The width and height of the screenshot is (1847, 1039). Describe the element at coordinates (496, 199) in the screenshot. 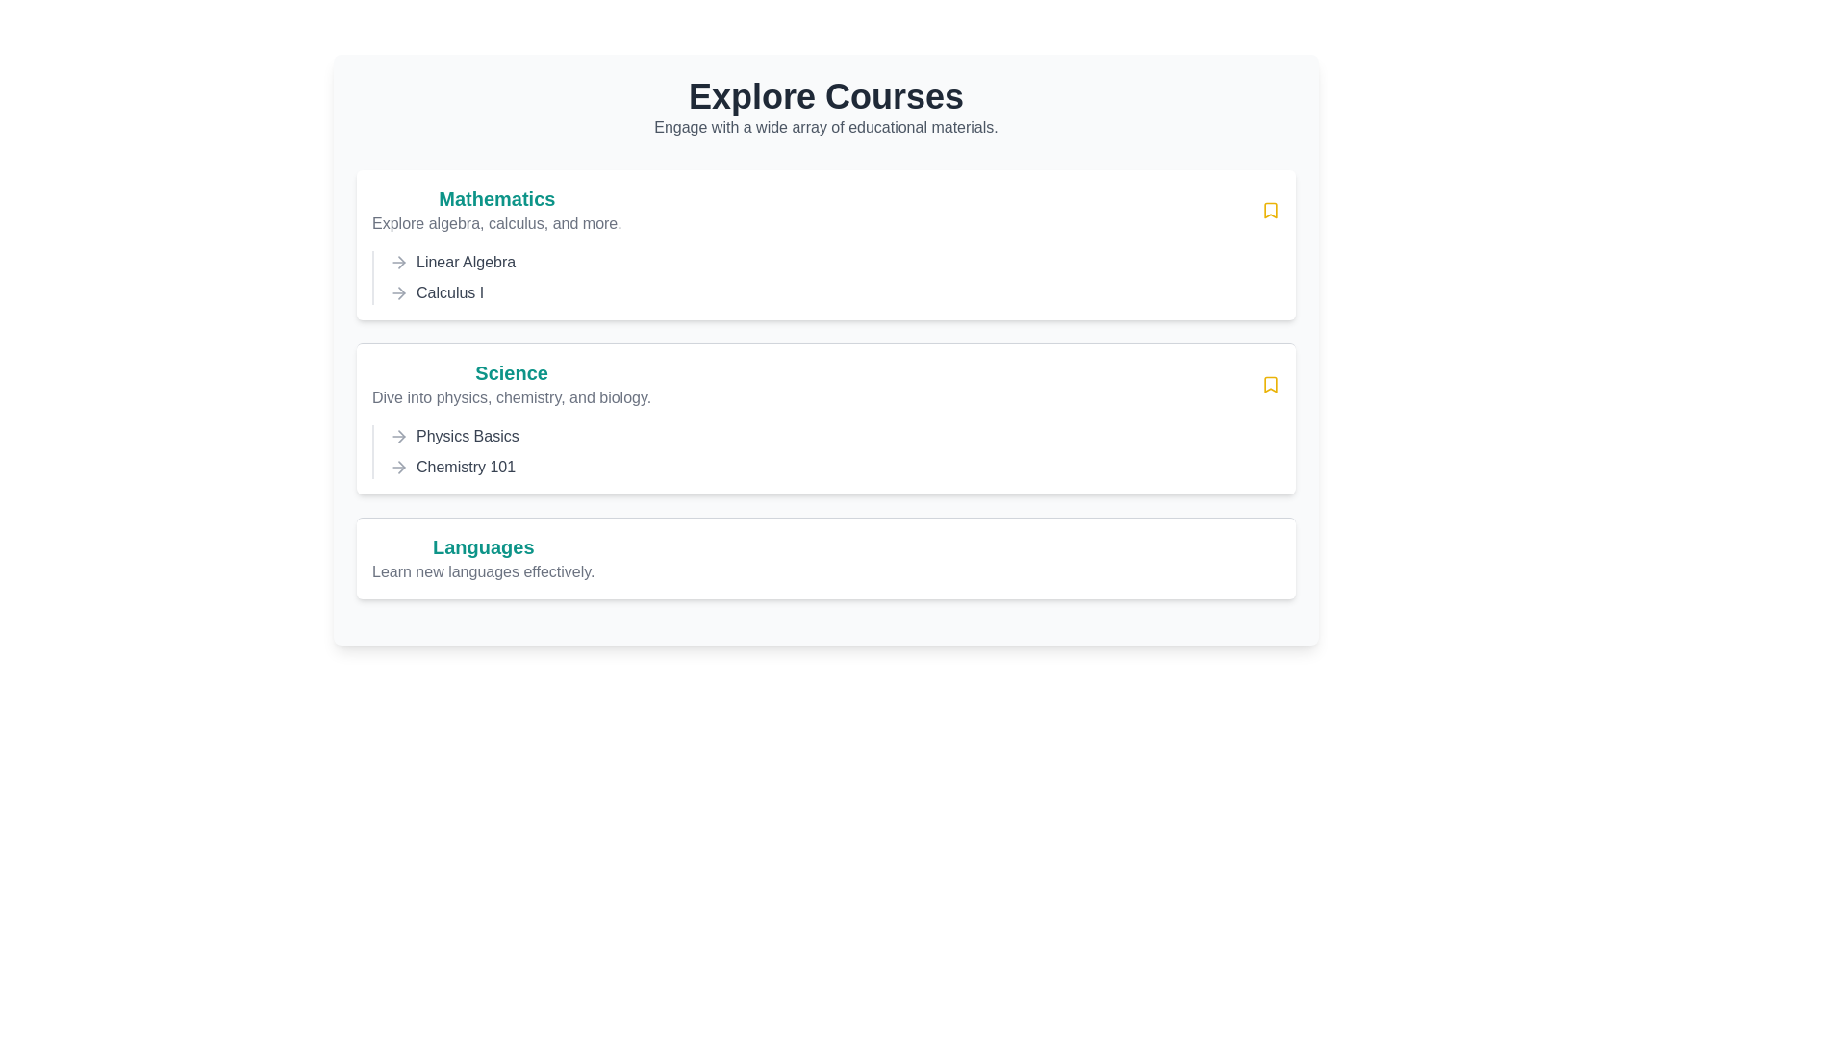

I see `the hyperlink in the 'Explore Courses' section that serves as a navigation option for mathematics, positioned above the text 'Explore algebra, calculus, and more.'` at that location.